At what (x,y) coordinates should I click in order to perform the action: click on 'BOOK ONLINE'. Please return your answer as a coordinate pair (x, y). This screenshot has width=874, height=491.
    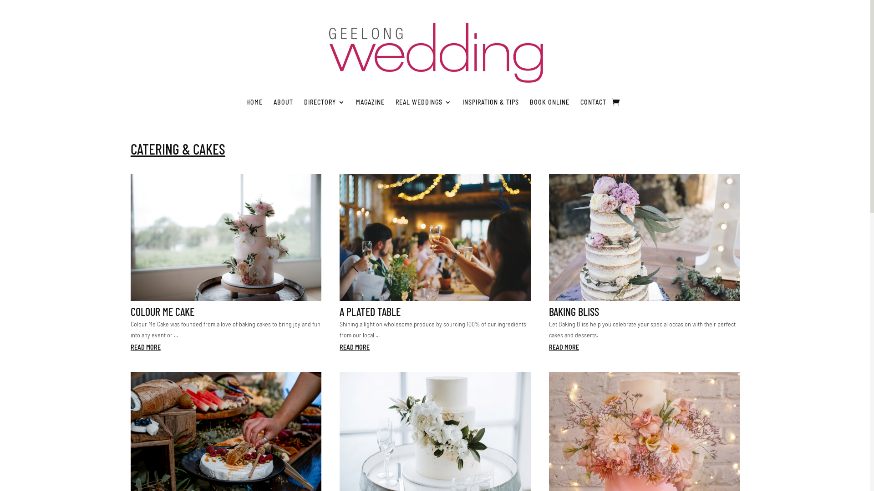
    Looking at the image, I should click on (549, 102).